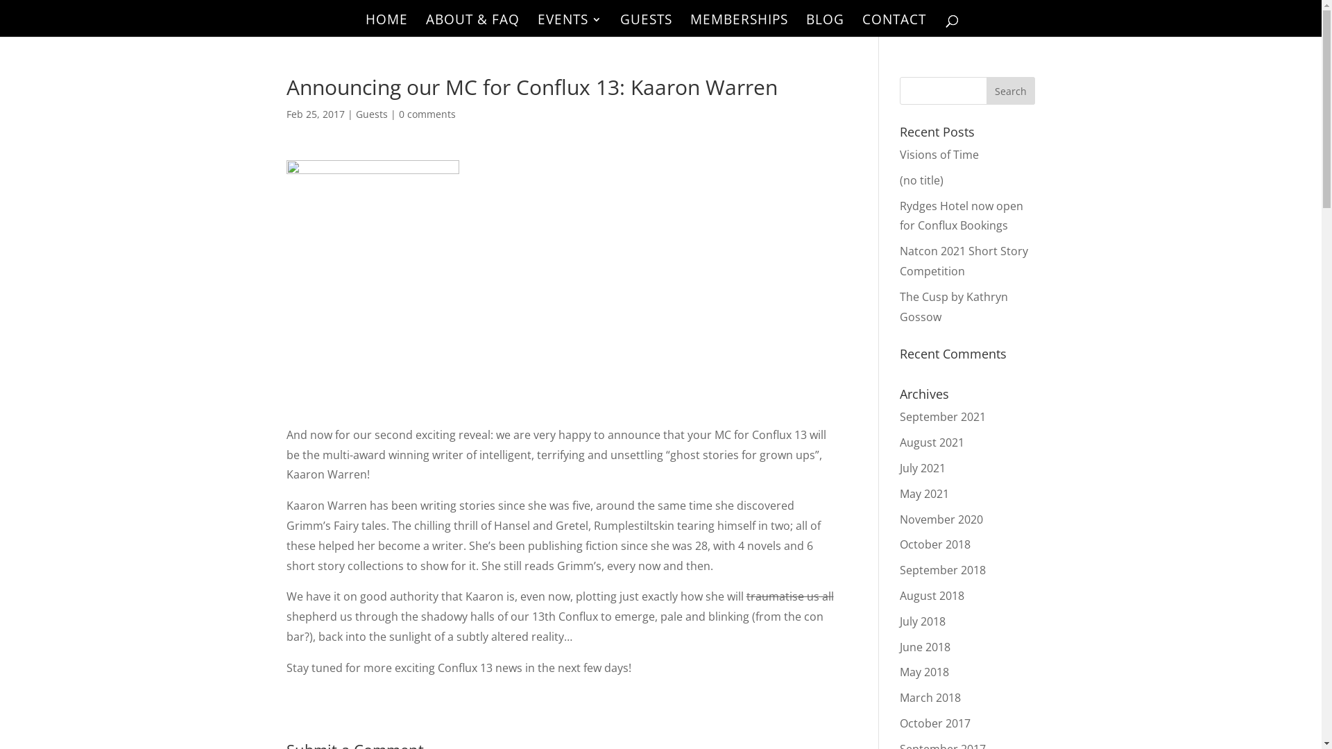 This screenshot has height=749, width=1332. Describe the element at coordinates (932, 595) in the screenshot. I see `'August 2018'` at that location.